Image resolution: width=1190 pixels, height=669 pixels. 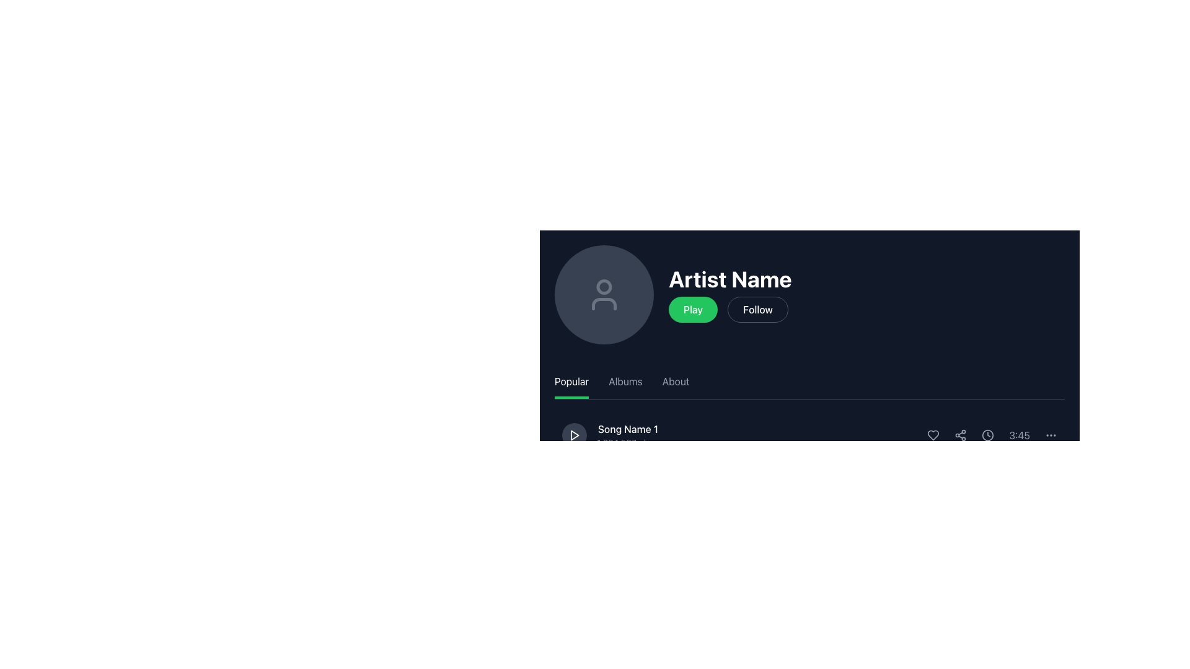 What do you see at coordinates (933, 539) in the screenshot?
I see `the heart-shaped button located at the bottom-right corner of the main section to favorite an item` at bounding box center [933, 539].